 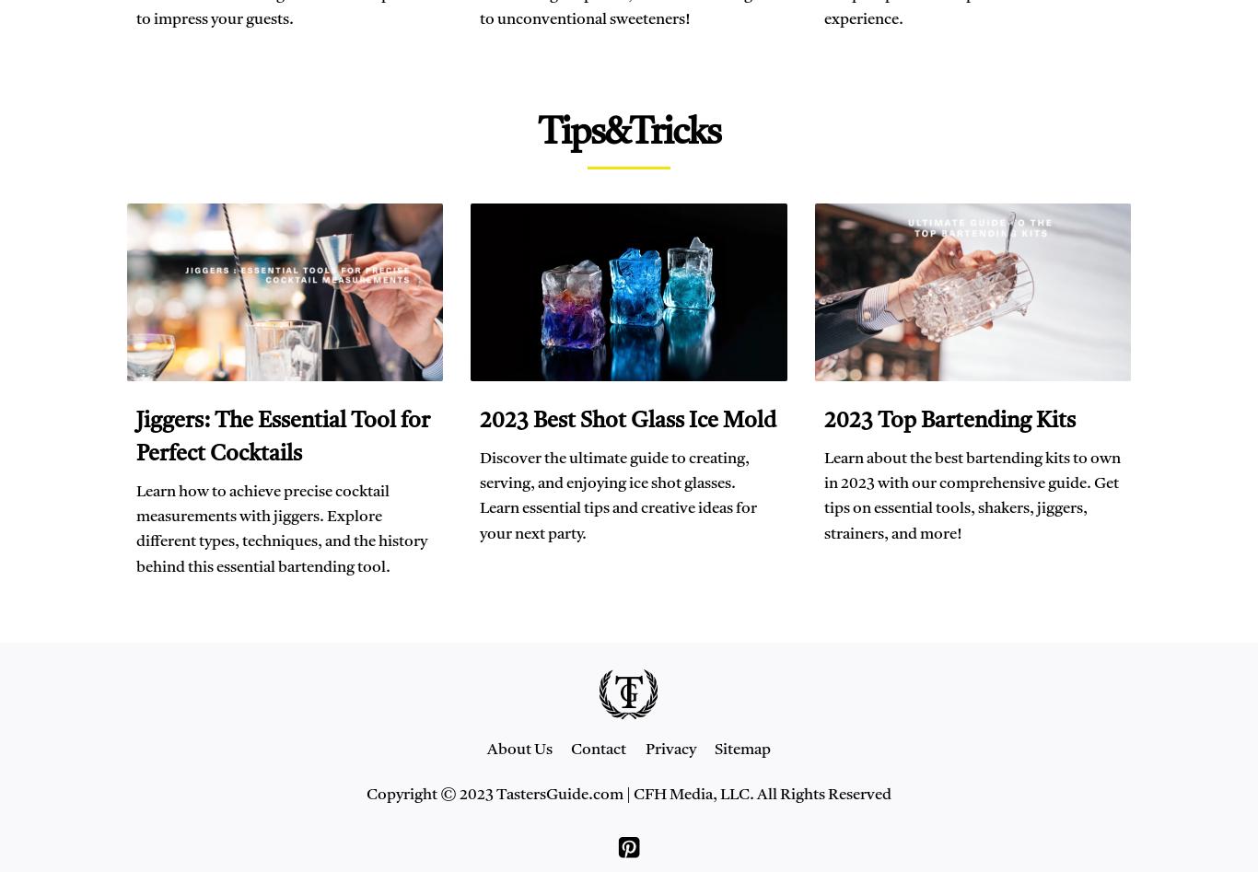 I want to click on 'Privacy', so click(x=670, y=749).